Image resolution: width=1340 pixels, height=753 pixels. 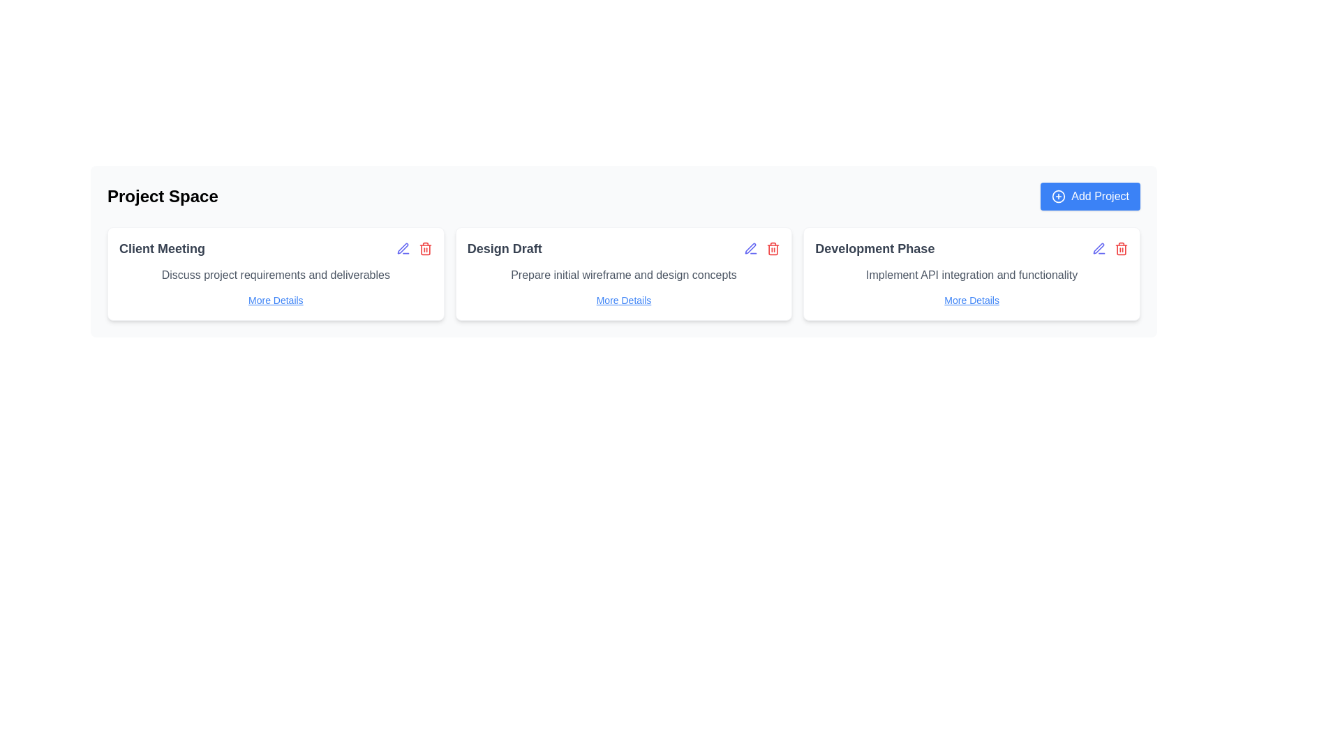 What do you see at coordinates (276, 275) in the screenshot?
I see `the text label that reads 'Discuss project requirements and deliverables', which is styled in light gray and located beneath the 'Client Meeting' title within the first column of the three-column layout` at bounding box center [276, 275].